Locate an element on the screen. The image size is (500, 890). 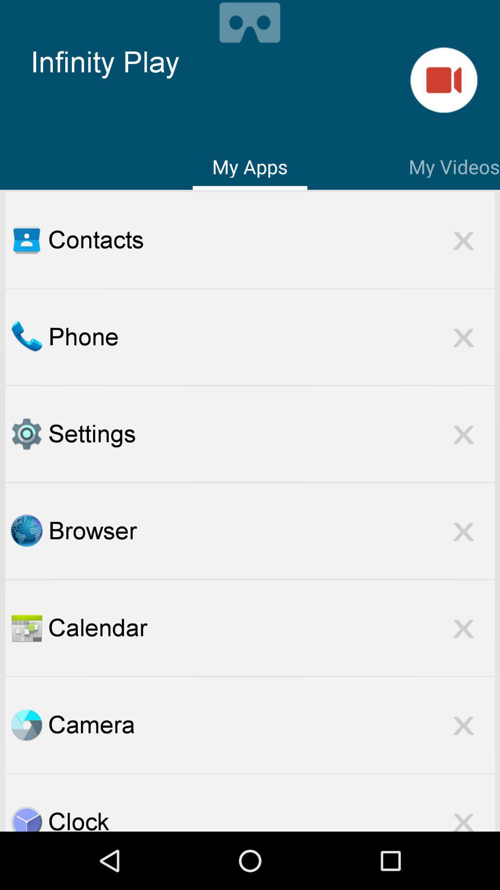
the calender is located at coordinates (26, 628).